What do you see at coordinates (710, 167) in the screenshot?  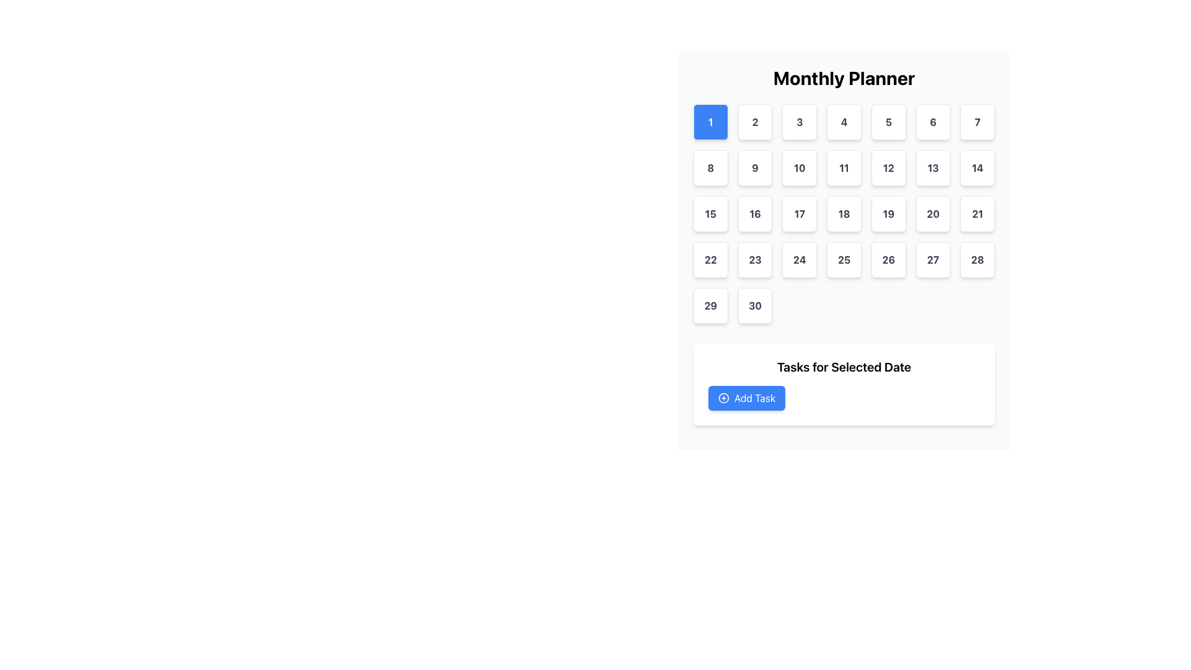 I see `the square button with rounded corners, white background, and the text '8' in bold black font, located in the second row, first column under 'Monthly Planner'` at bounding box center [710, 167].